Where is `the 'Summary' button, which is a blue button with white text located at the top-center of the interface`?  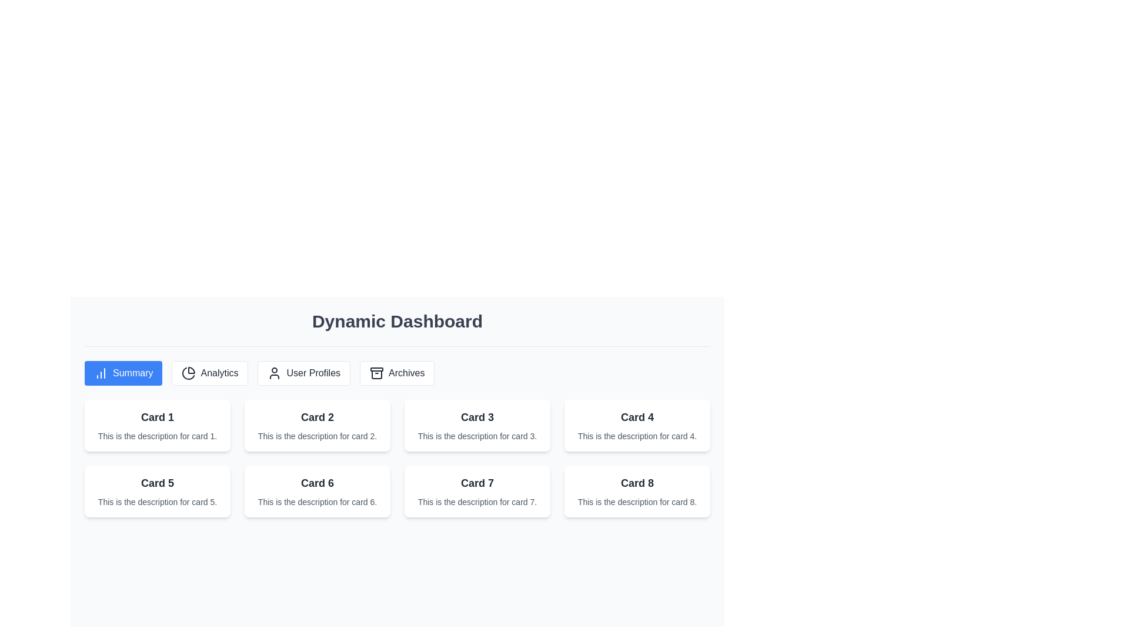 the 'Summary' button, which is a blue button with white text located at the top-center of the interface is located at coordinates (123, 373).